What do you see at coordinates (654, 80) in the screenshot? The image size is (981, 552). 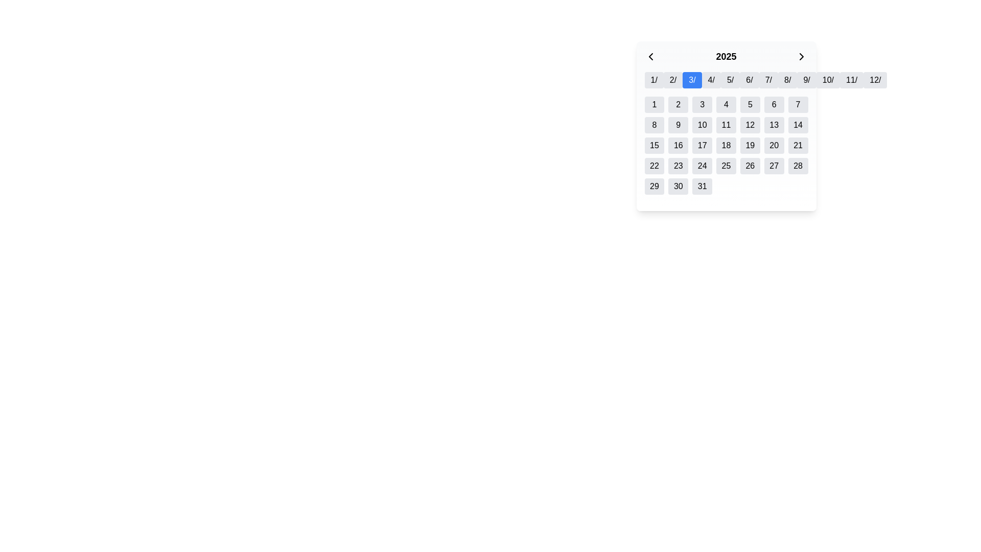 I see `the first month button in the calendar widget` at bounding box center [654, 80].